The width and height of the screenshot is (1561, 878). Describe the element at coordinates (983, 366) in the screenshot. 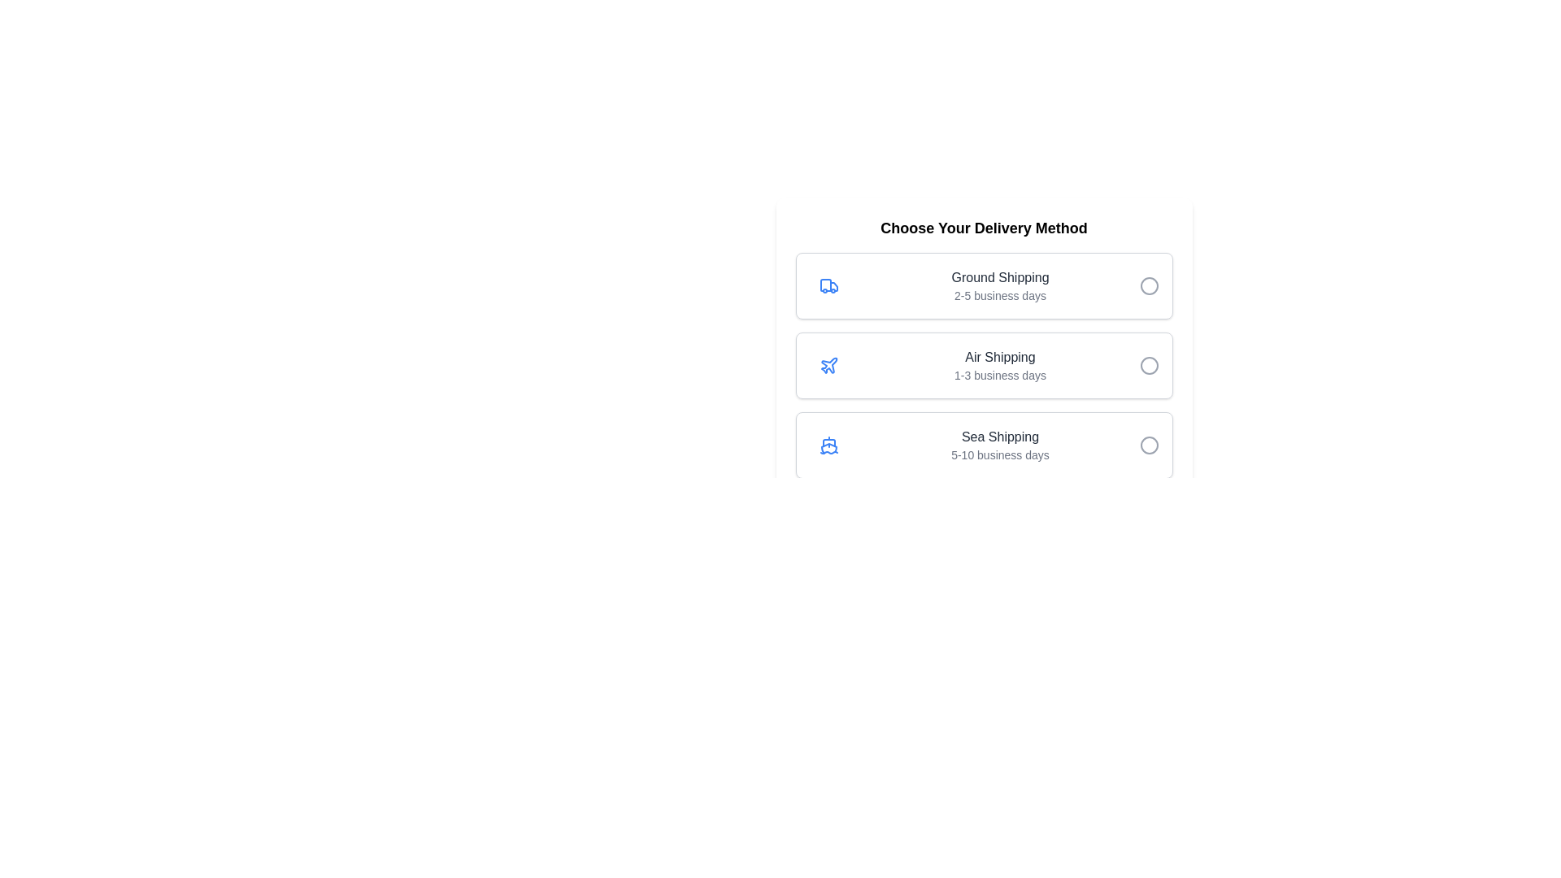

I see `the 'Air Shipping' selectable option using keyboard navigation` at that location.